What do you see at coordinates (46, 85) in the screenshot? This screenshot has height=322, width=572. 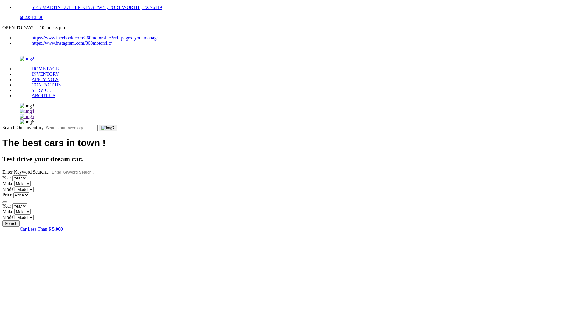 I see `'CONTACT US'` at bounding box center [46, 85].